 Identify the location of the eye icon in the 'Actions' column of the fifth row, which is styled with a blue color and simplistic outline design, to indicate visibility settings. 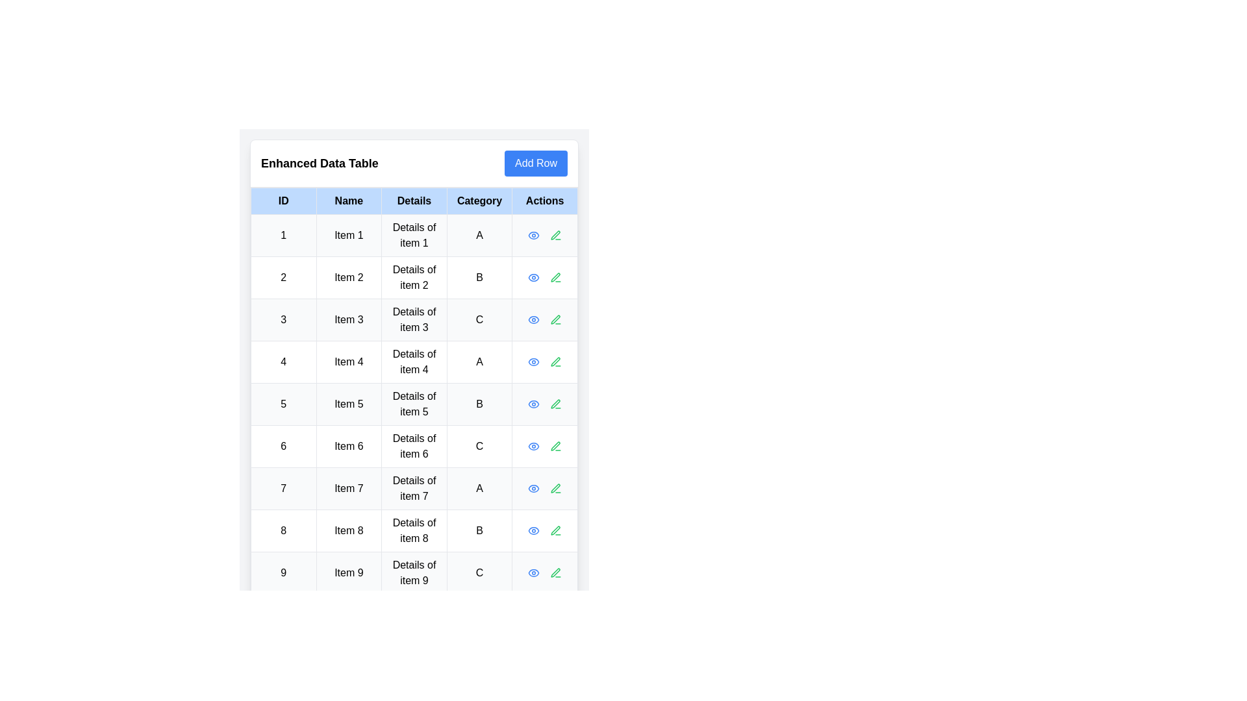
(534, 404).